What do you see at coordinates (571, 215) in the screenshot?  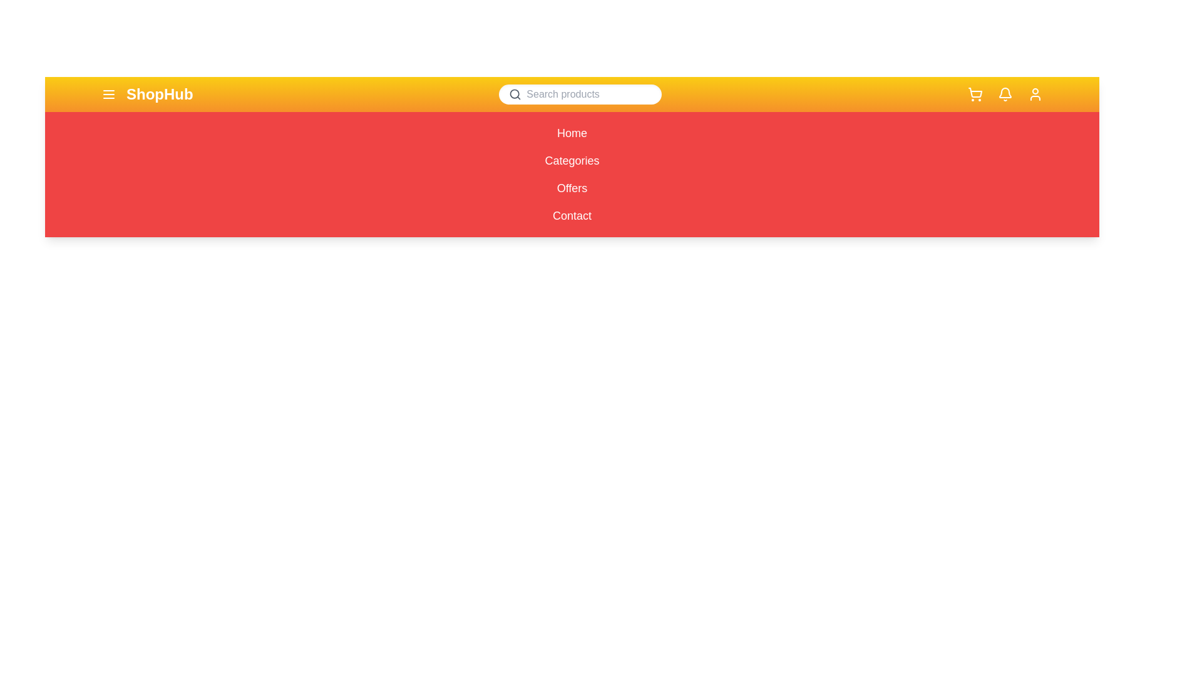 I see `the 'Contact' link to navigate to the Contact page` at bounding box center [571, 215].